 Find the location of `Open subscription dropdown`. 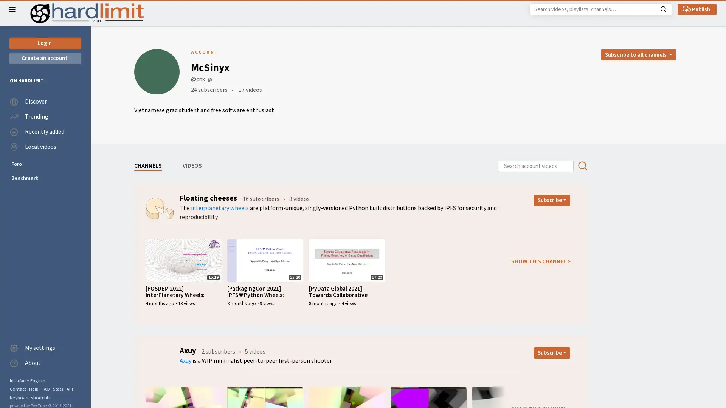

Open subscription dropdown is located at coordinates (552, 352).